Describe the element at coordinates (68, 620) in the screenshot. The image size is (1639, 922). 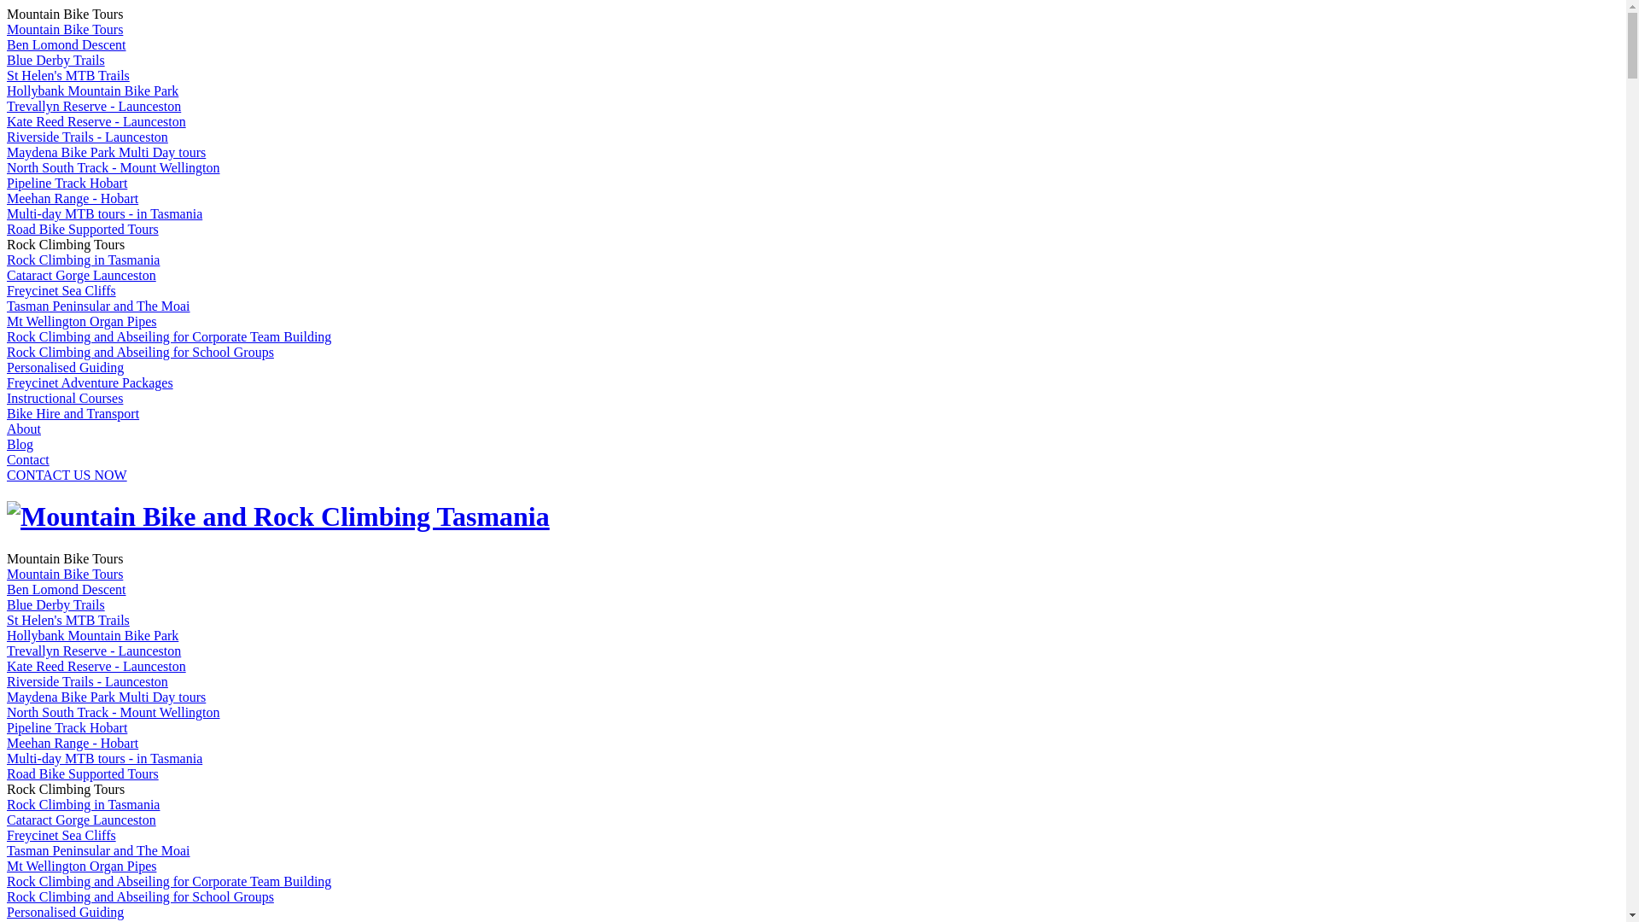
I see `'St Helen's MTB Trails'` at that location.